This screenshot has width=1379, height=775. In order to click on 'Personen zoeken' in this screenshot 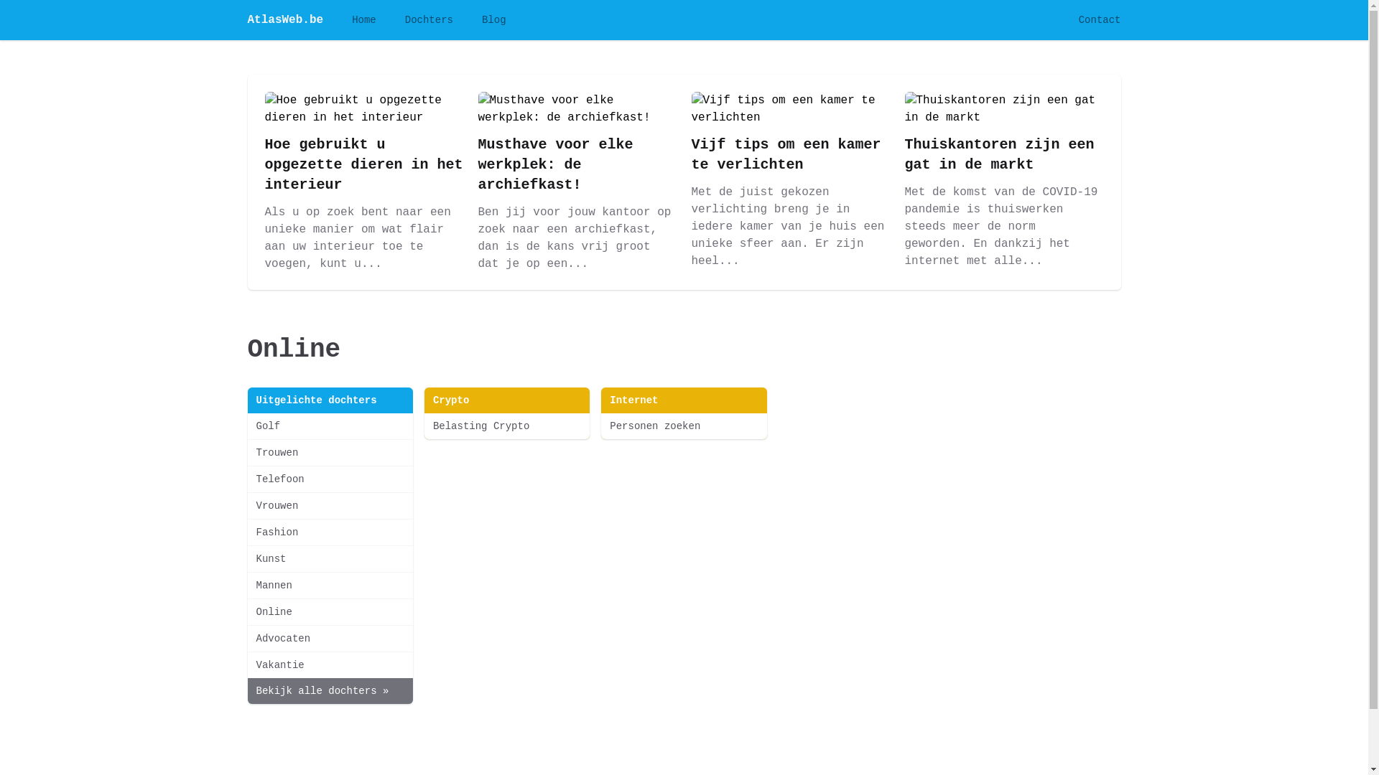, I will do `click(682, 426)`.